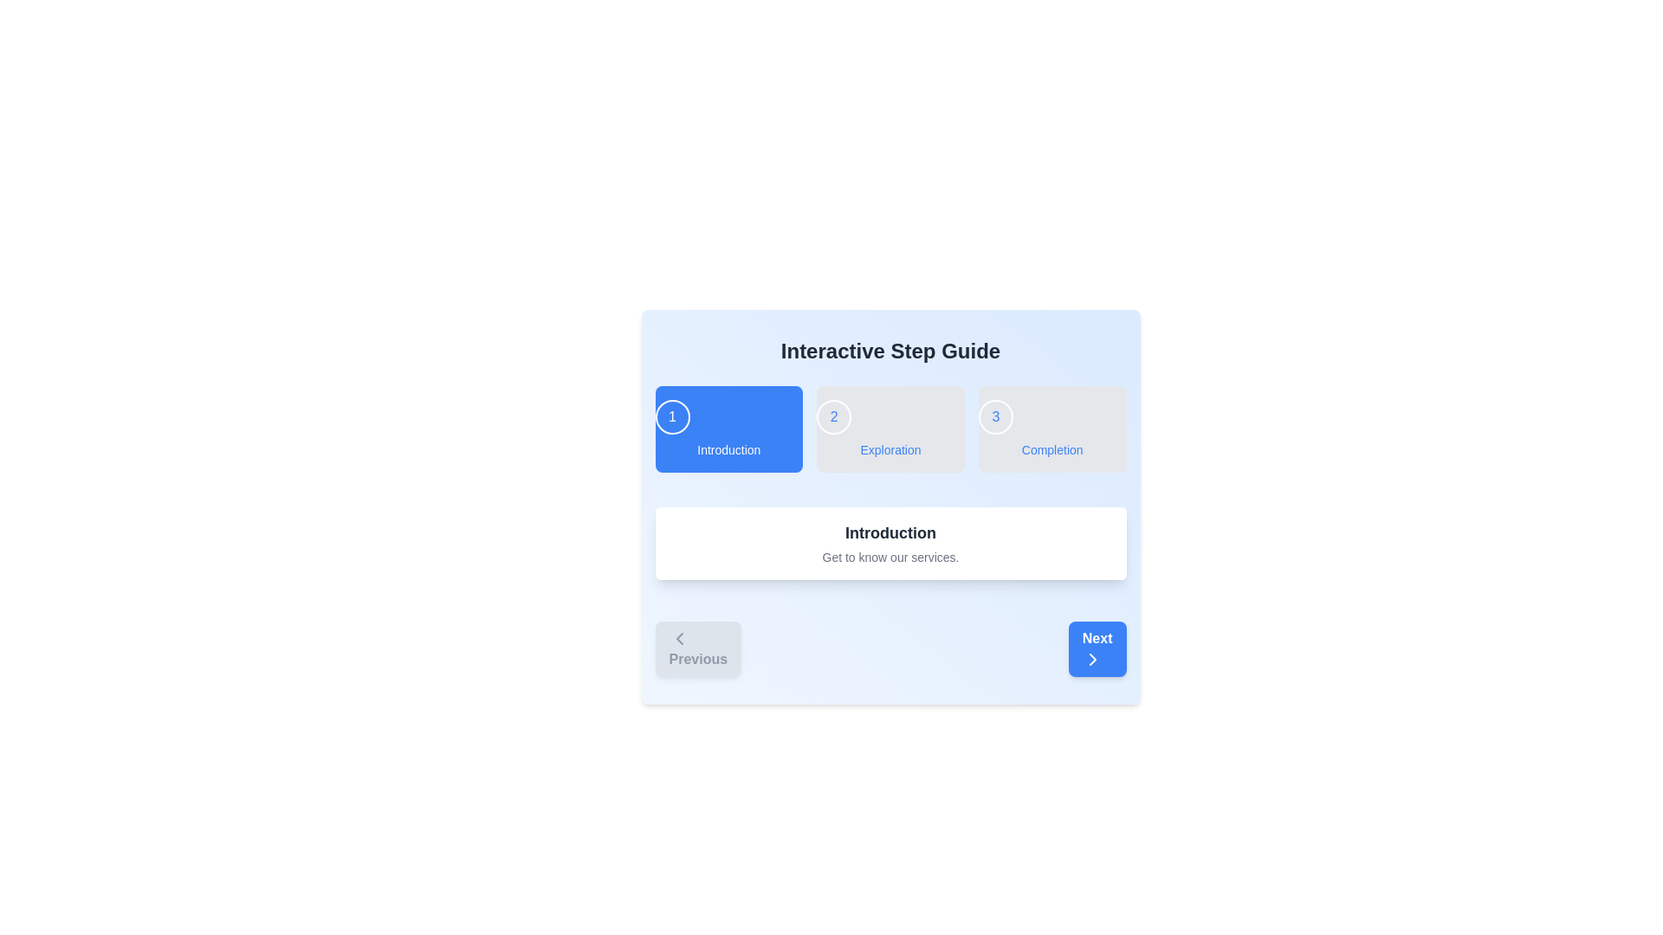  I want to click on the text label indicating the second step in the step guide, located below the circular icon labeled '2', so click(890, 449).